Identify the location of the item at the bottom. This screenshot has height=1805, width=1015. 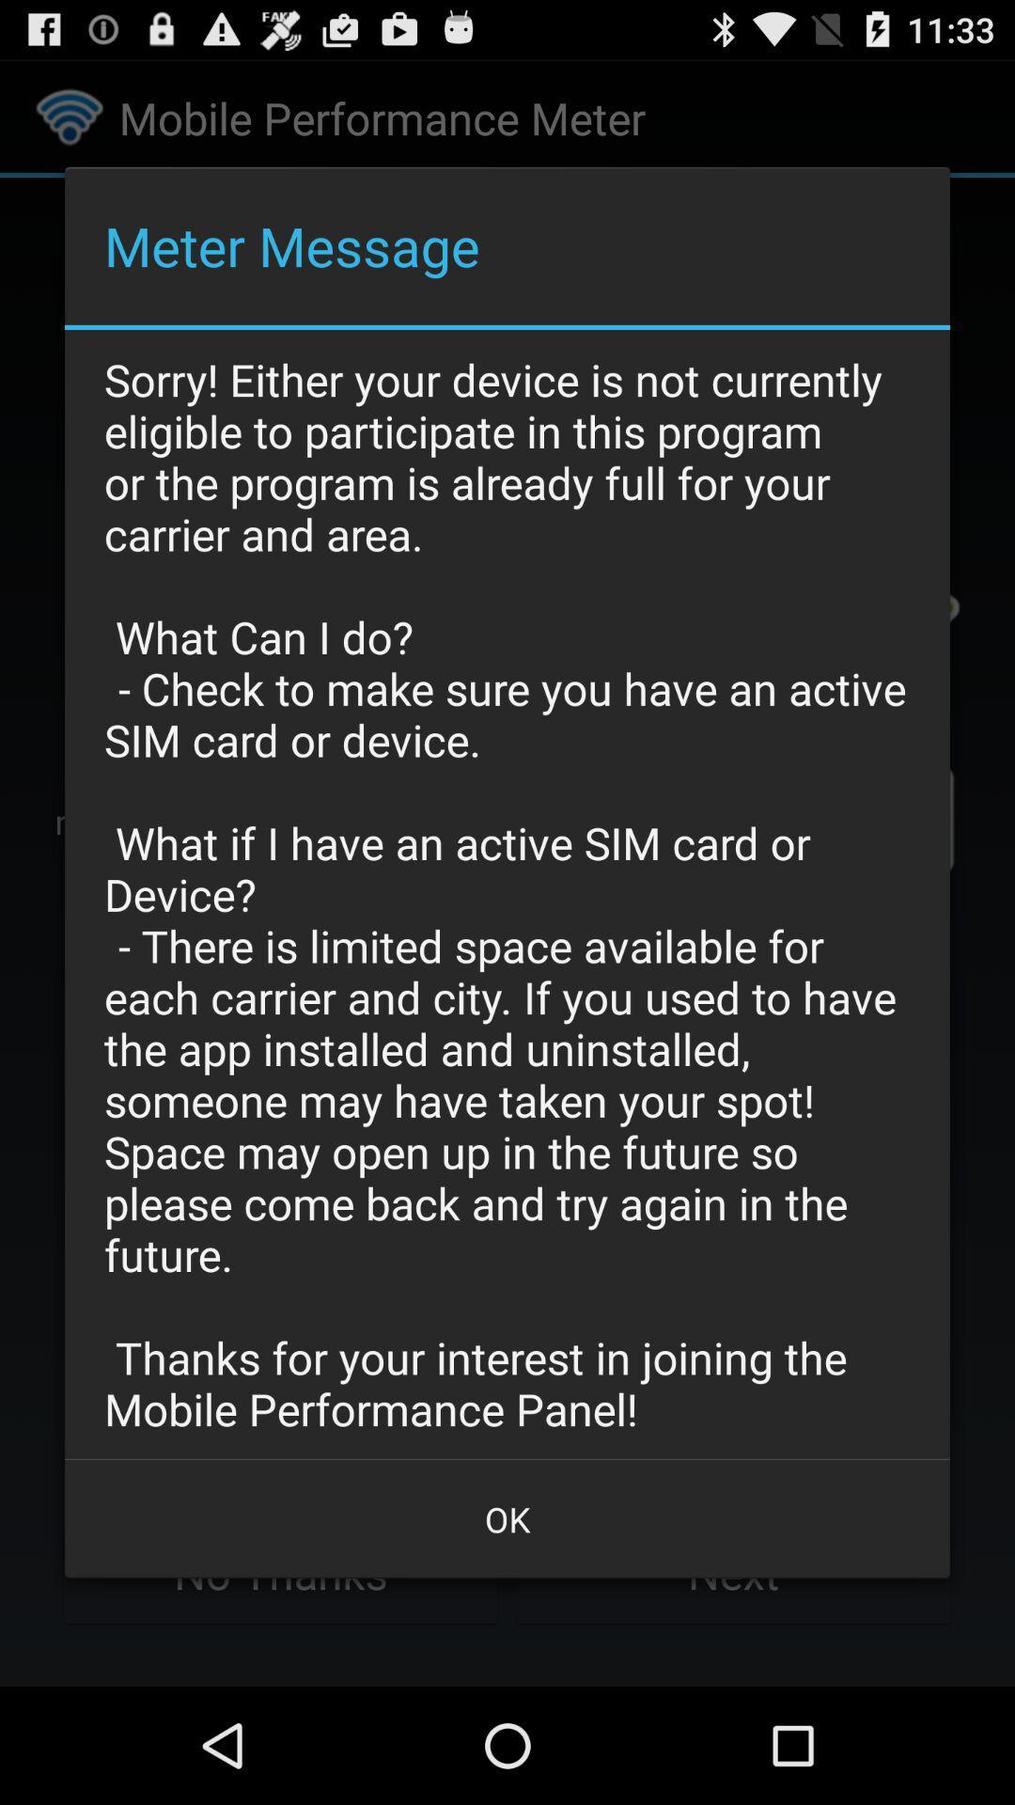
(507, 1519).